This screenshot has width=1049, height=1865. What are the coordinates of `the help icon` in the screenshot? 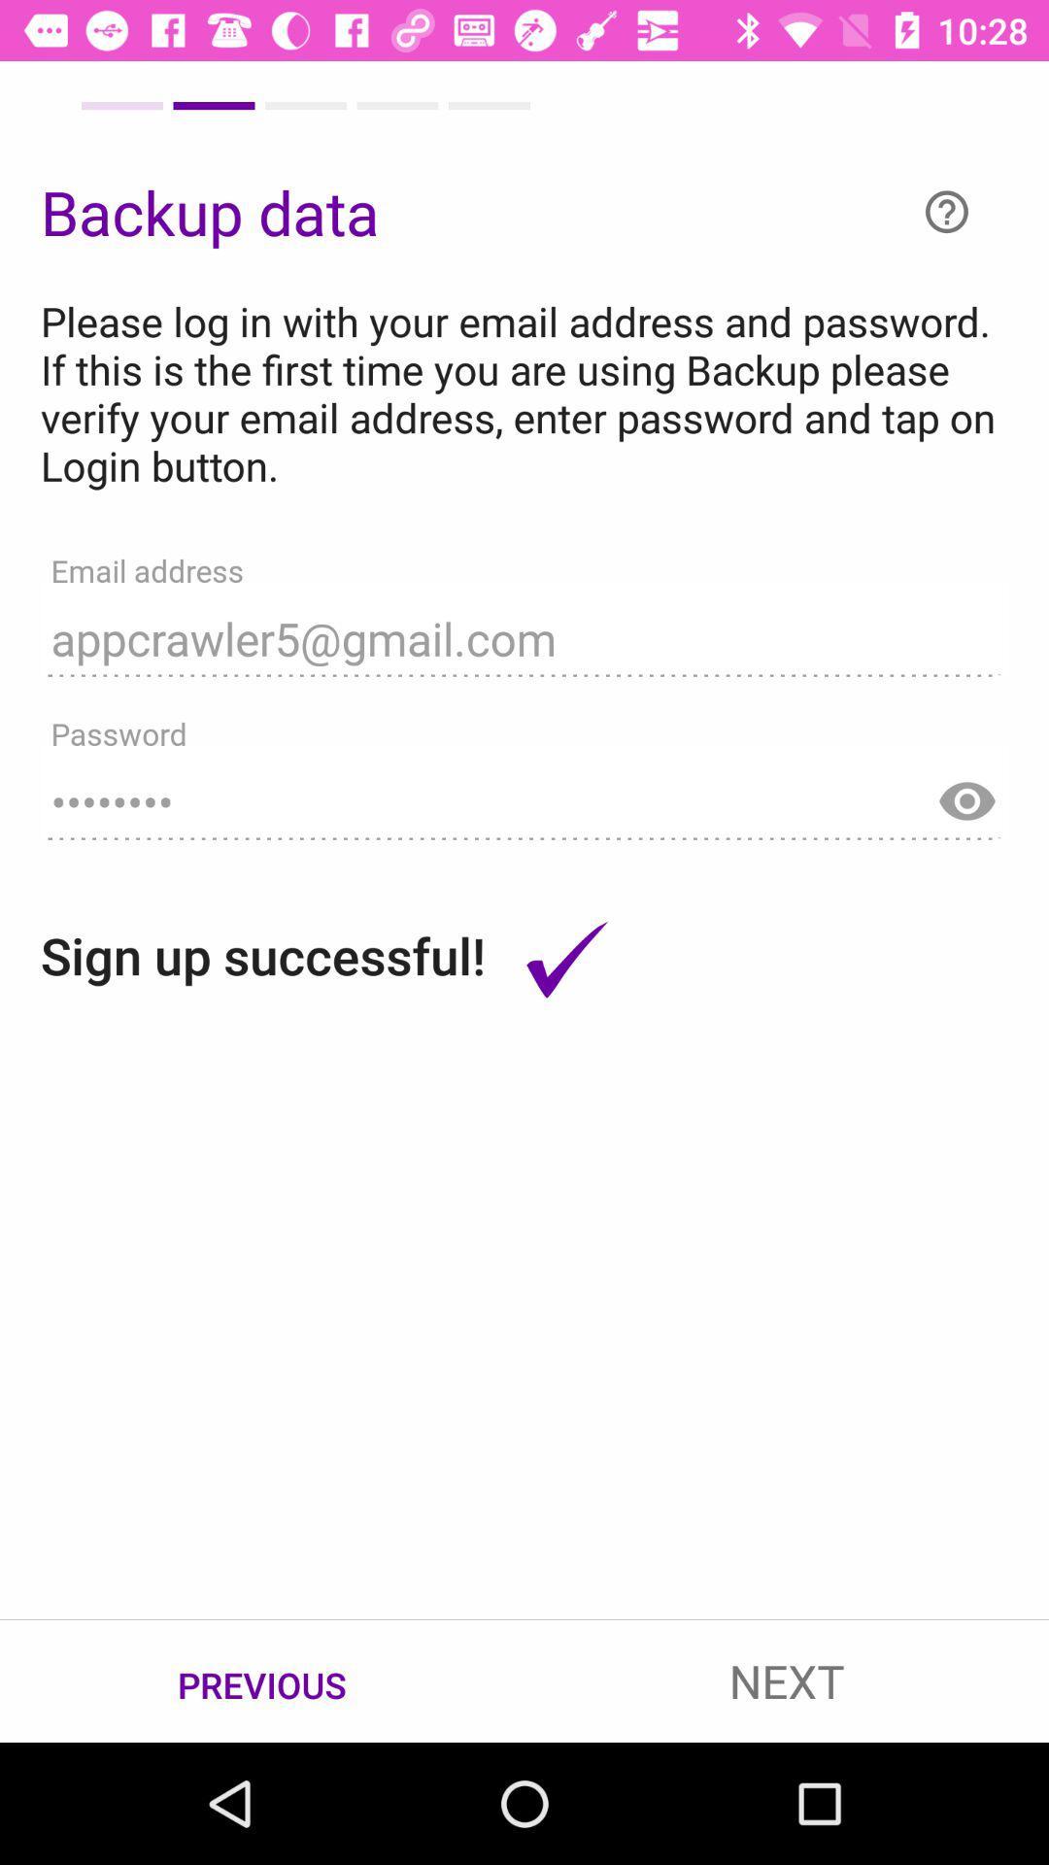 It's located at (946, 212).